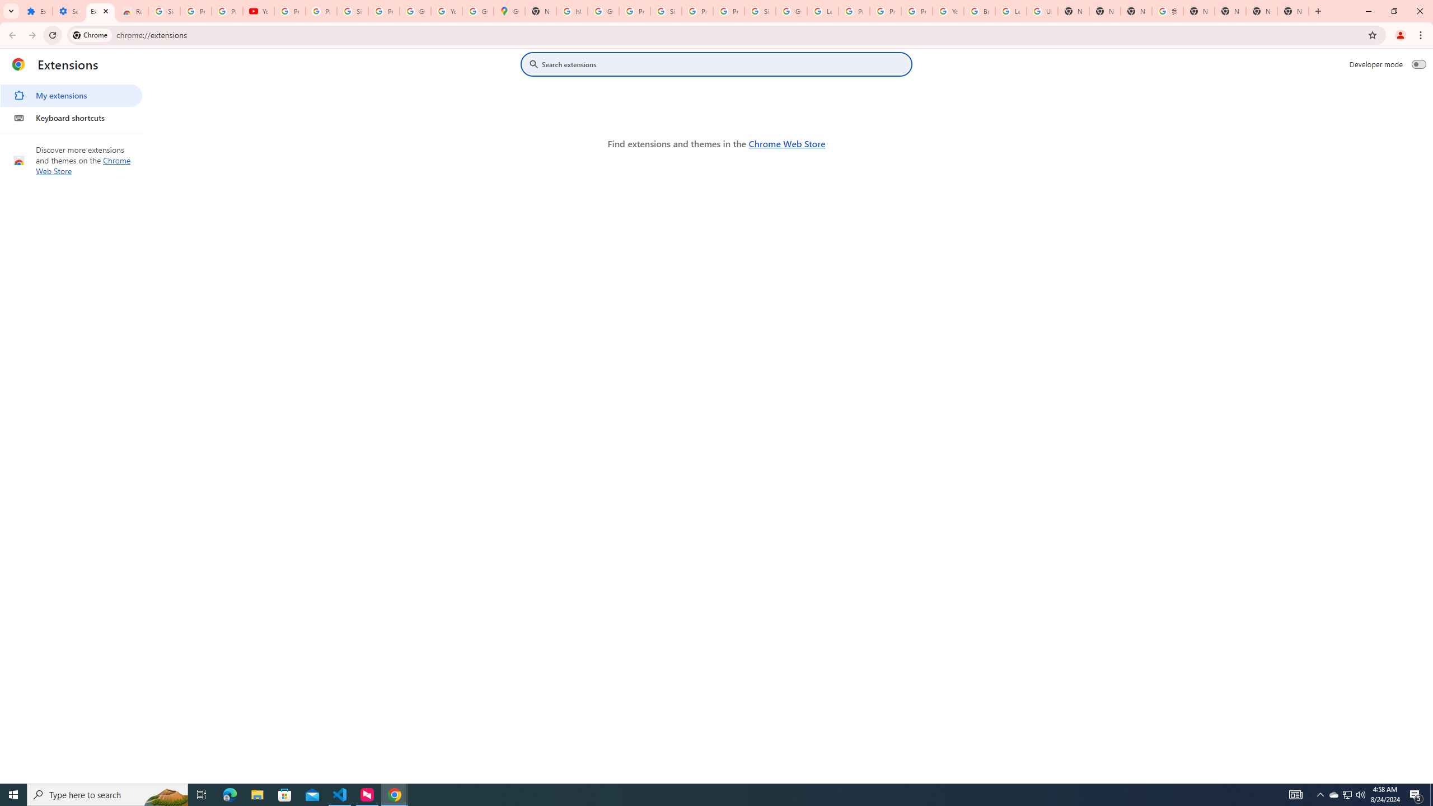 This screenshot has width=1433, height=806. What do you see at coordinates (68, 11) in the screenshot?
I see `'Settings'` at bounding box center [68, 11].